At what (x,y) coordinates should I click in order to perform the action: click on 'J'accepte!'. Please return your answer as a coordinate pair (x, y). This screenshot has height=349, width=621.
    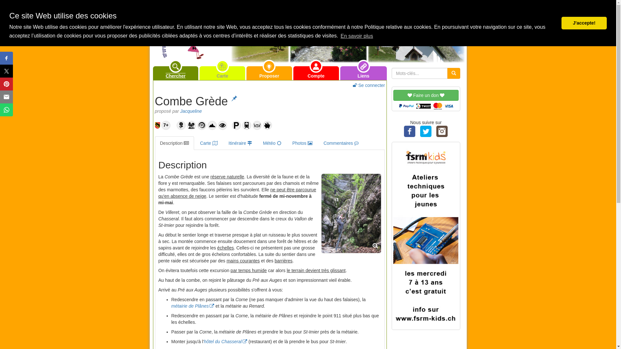
    Looking at the image, I should click on (584, 23).